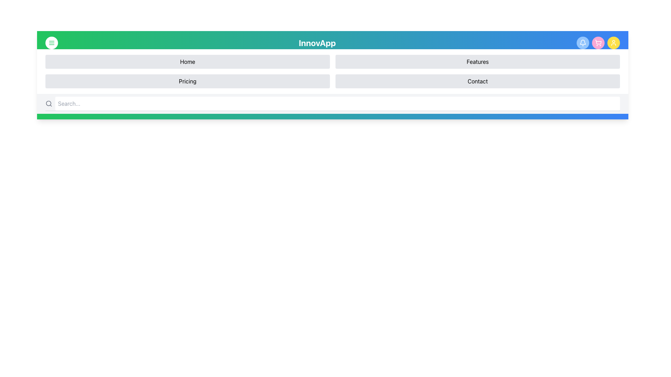  I want to click on the first circular Icon Button in the top-right section of the user interface, so click(583, 43).